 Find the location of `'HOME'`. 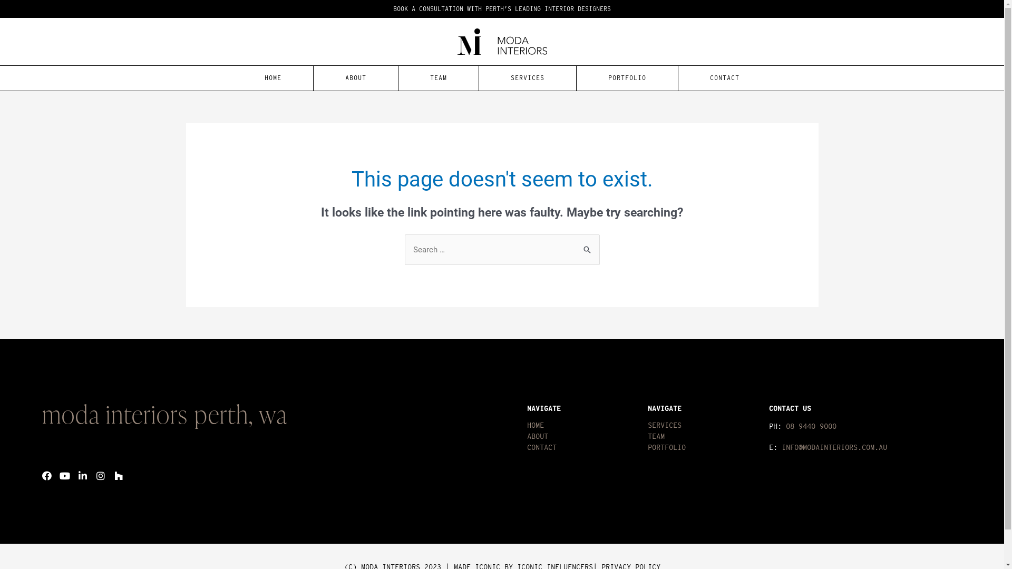

'HOME' is located at coordinates (273, 77).